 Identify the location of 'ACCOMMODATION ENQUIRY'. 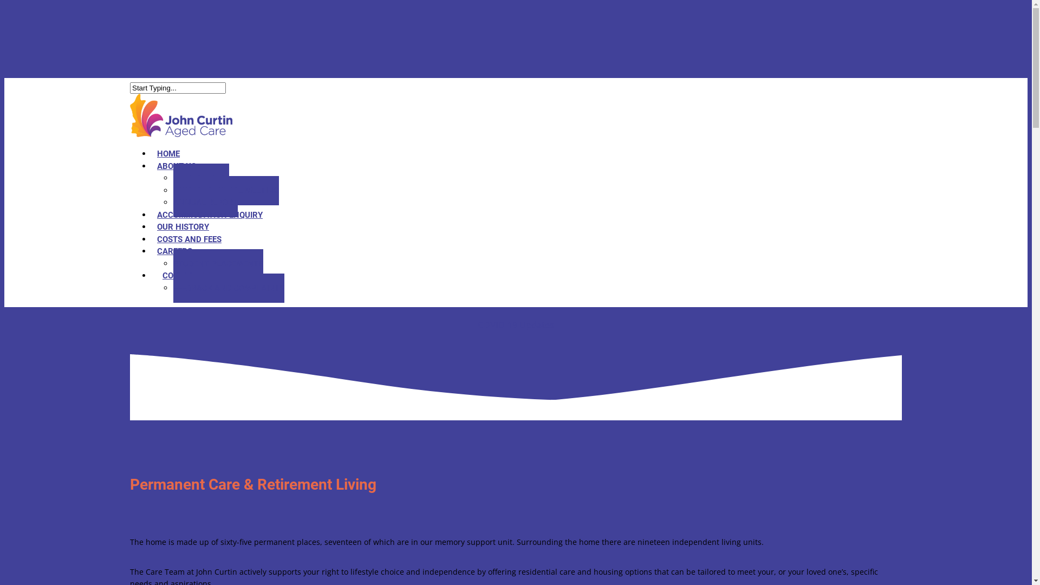
(210, 215).